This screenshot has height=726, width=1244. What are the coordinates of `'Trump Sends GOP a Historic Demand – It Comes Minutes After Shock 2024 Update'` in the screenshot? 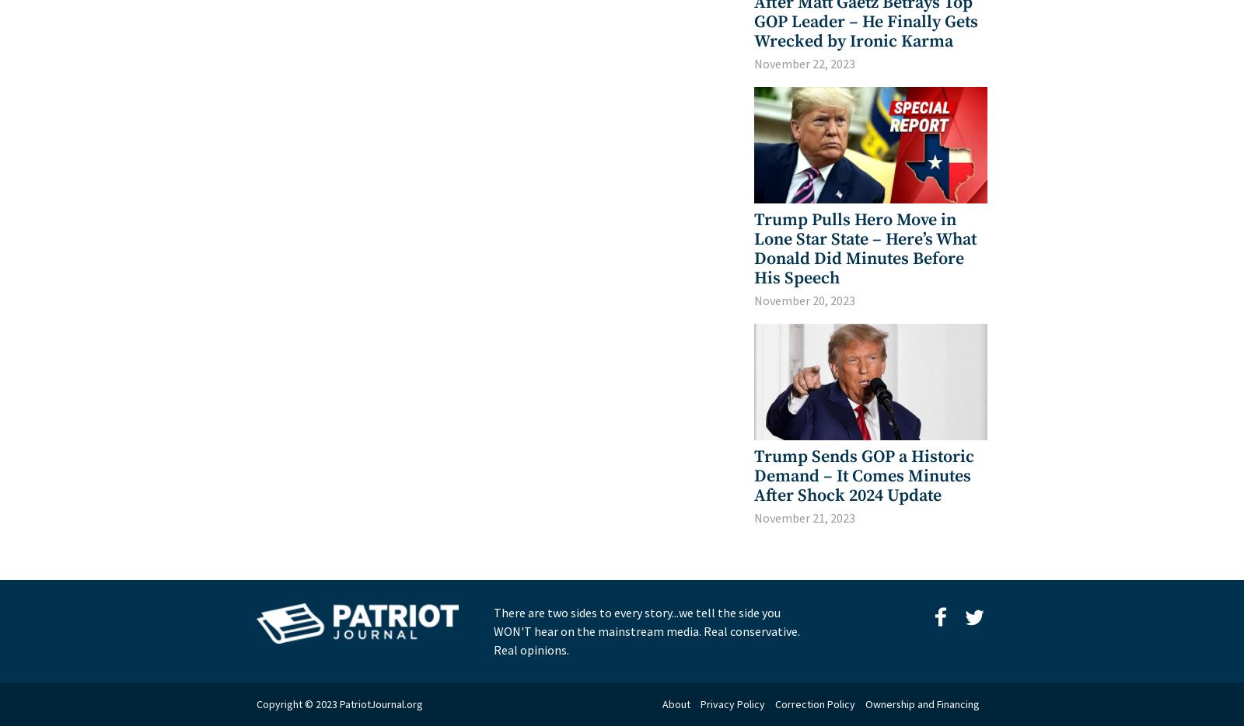 It's located at (864, 475).